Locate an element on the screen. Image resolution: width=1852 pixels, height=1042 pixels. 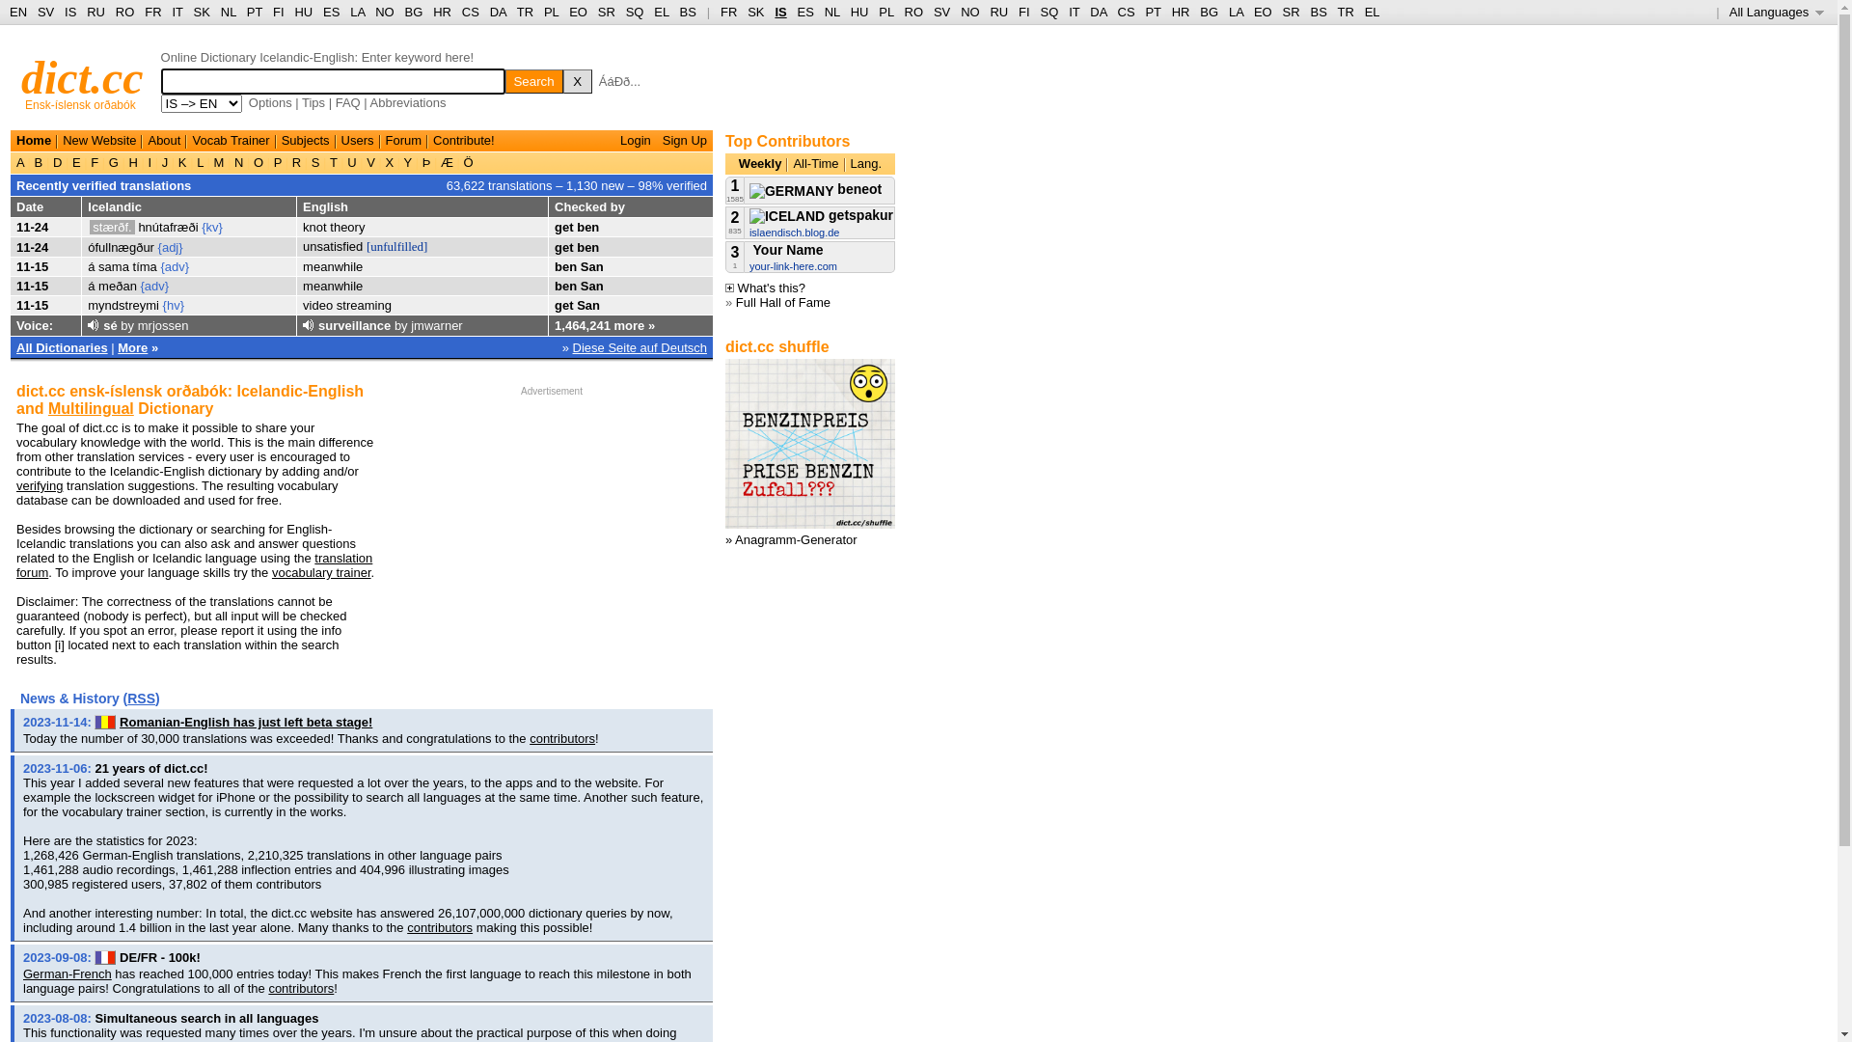
'All Languages ' is located at coordinates (1729, 12).